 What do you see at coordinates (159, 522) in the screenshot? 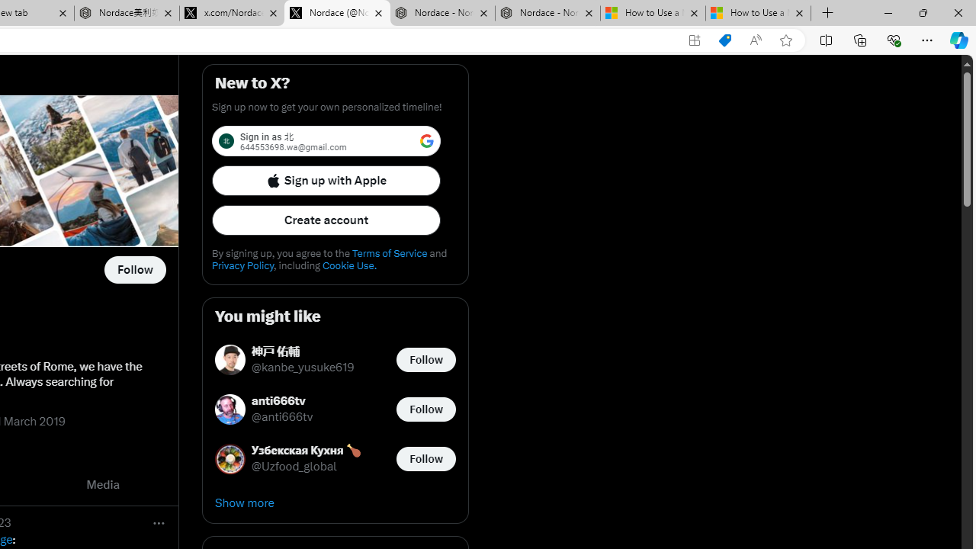
I see `'More'` at bounding box center [159, 522].